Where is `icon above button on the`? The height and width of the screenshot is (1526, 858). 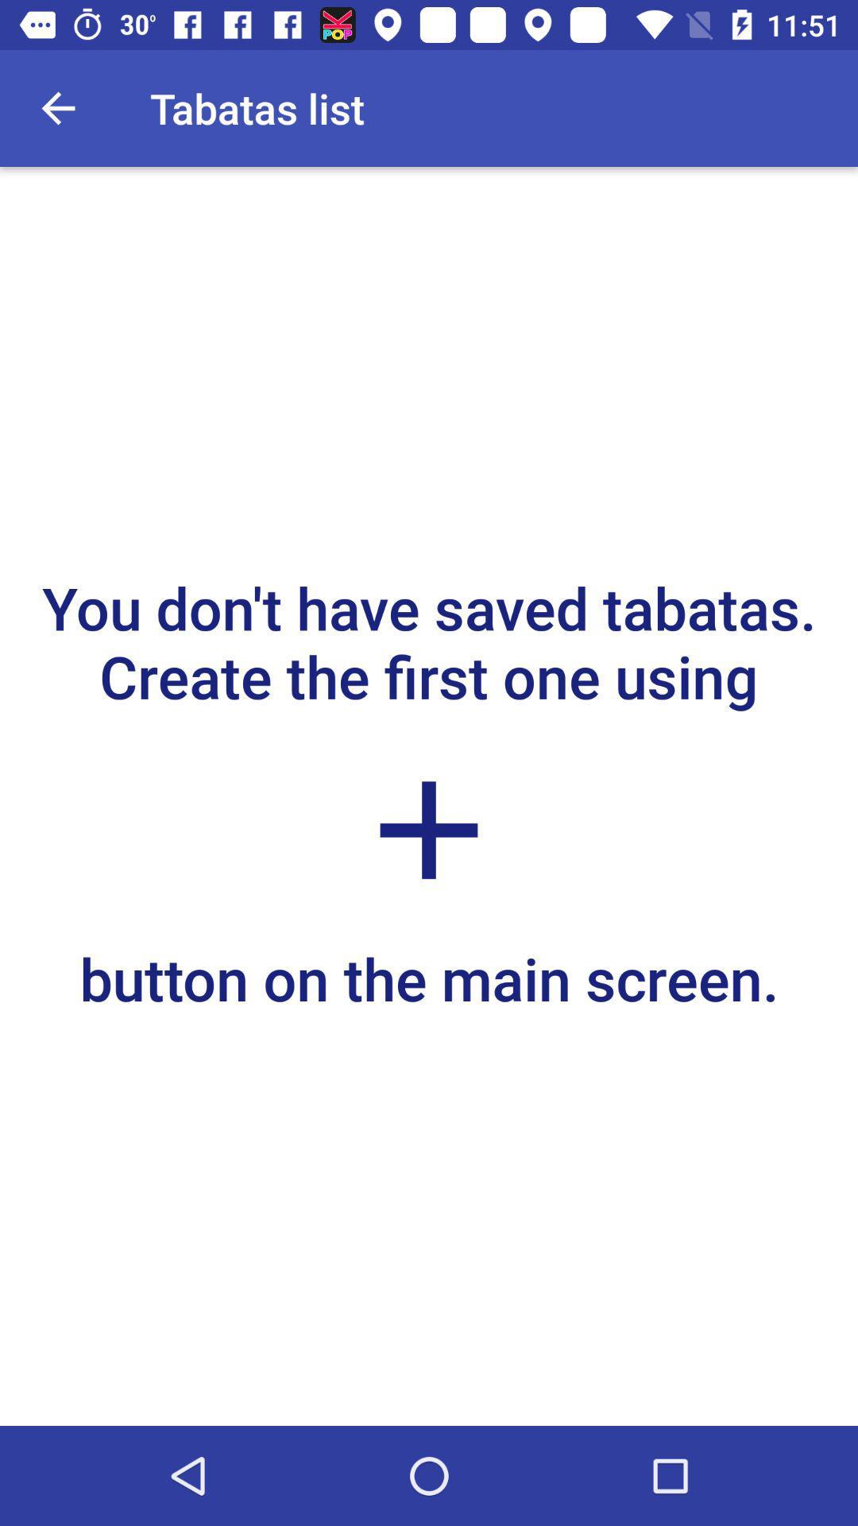 icon above button on the is located at coordinates (429, 829).